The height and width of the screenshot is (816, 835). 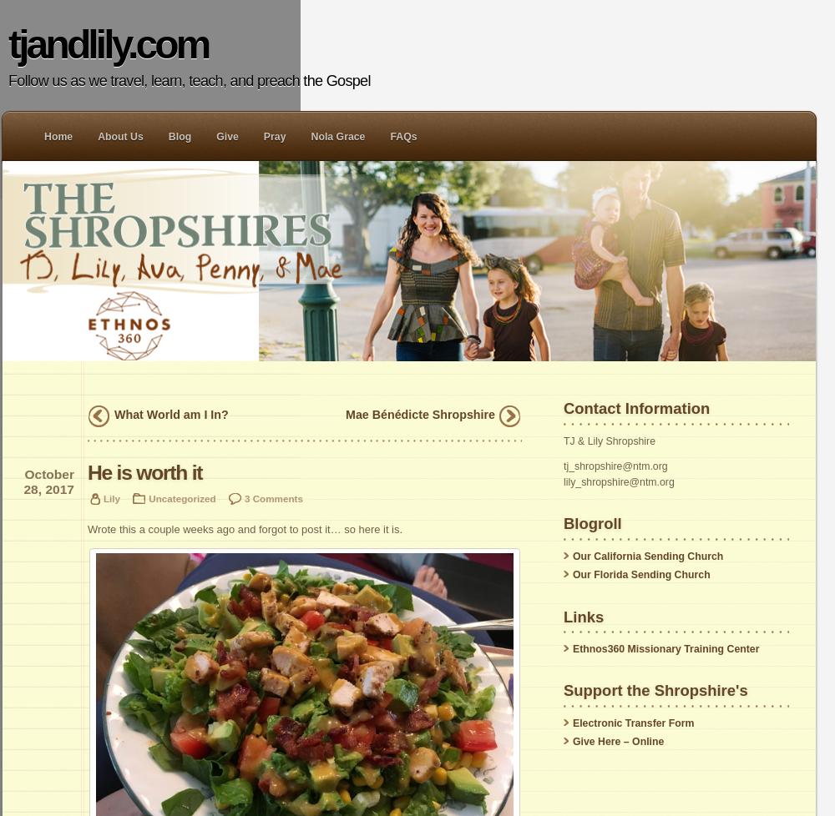 I want to click on 'Blogroll', so click(x=591, y=523).